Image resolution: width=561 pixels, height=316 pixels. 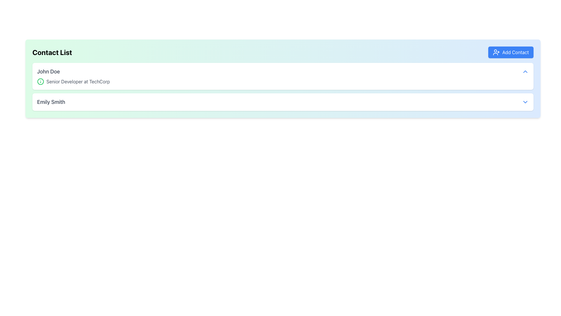 I want to click on the chevron icon, so click(x=525, y=71).